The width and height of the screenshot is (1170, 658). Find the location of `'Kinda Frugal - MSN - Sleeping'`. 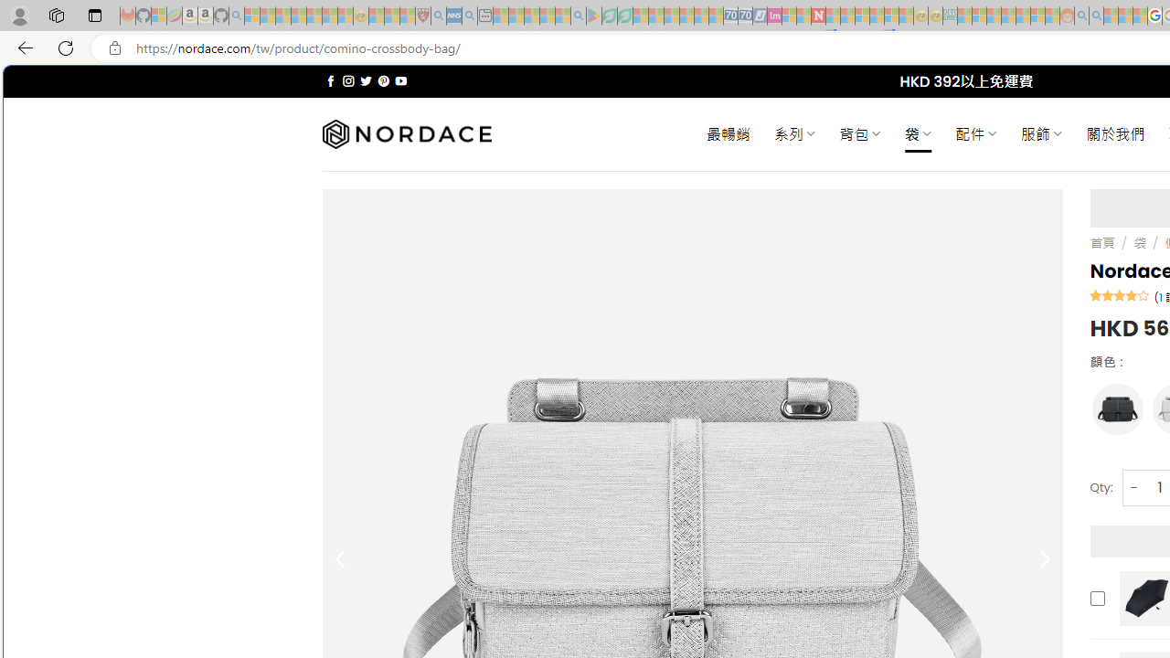

'Kinda Frugal - MSN - Sleeping' is located at coordinates (1024, 16).